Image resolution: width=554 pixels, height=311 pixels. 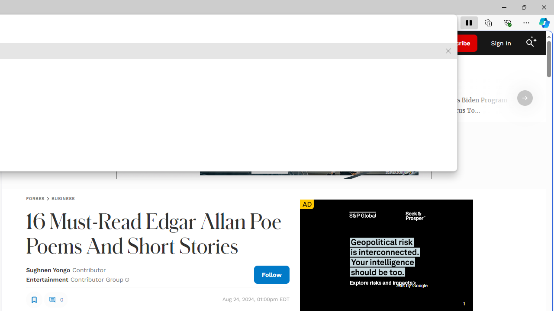 What do you see at coordinates (455, 43) in the screenshot?
I see `'Subscribe'` at bounding box center [455, 43].